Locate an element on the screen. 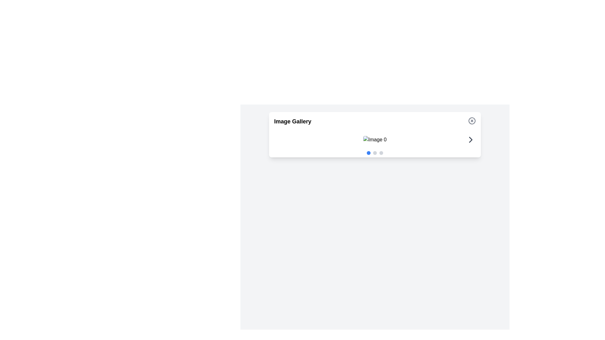  the third selectable navigation indicator dot is located at coordinates (381, 153).